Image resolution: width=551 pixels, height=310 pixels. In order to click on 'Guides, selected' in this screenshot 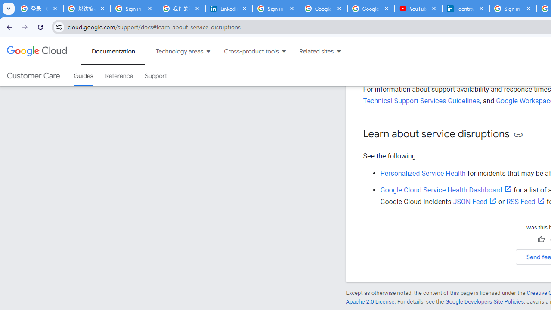, I will do `click(83, 75)`.